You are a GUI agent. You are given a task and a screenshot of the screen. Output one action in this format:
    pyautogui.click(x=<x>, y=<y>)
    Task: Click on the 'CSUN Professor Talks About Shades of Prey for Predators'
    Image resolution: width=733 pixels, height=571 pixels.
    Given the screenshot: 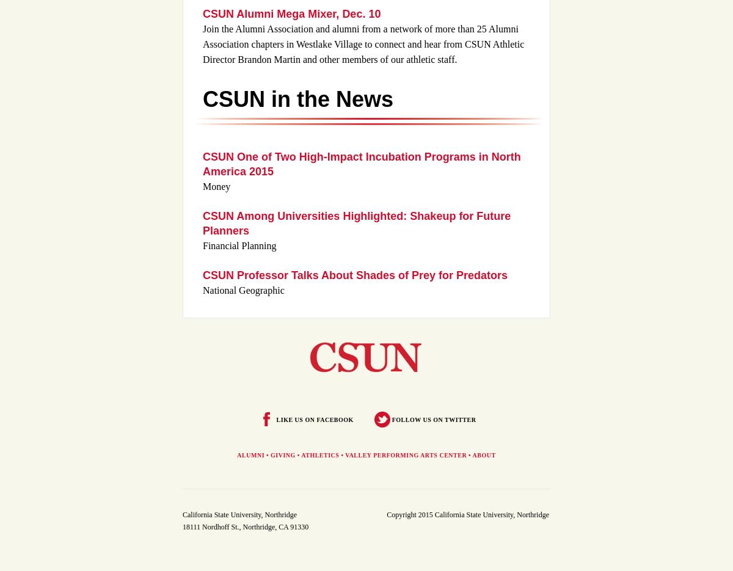 What is the action you would take?
    pyautogui.click(x=354, y=275)
    